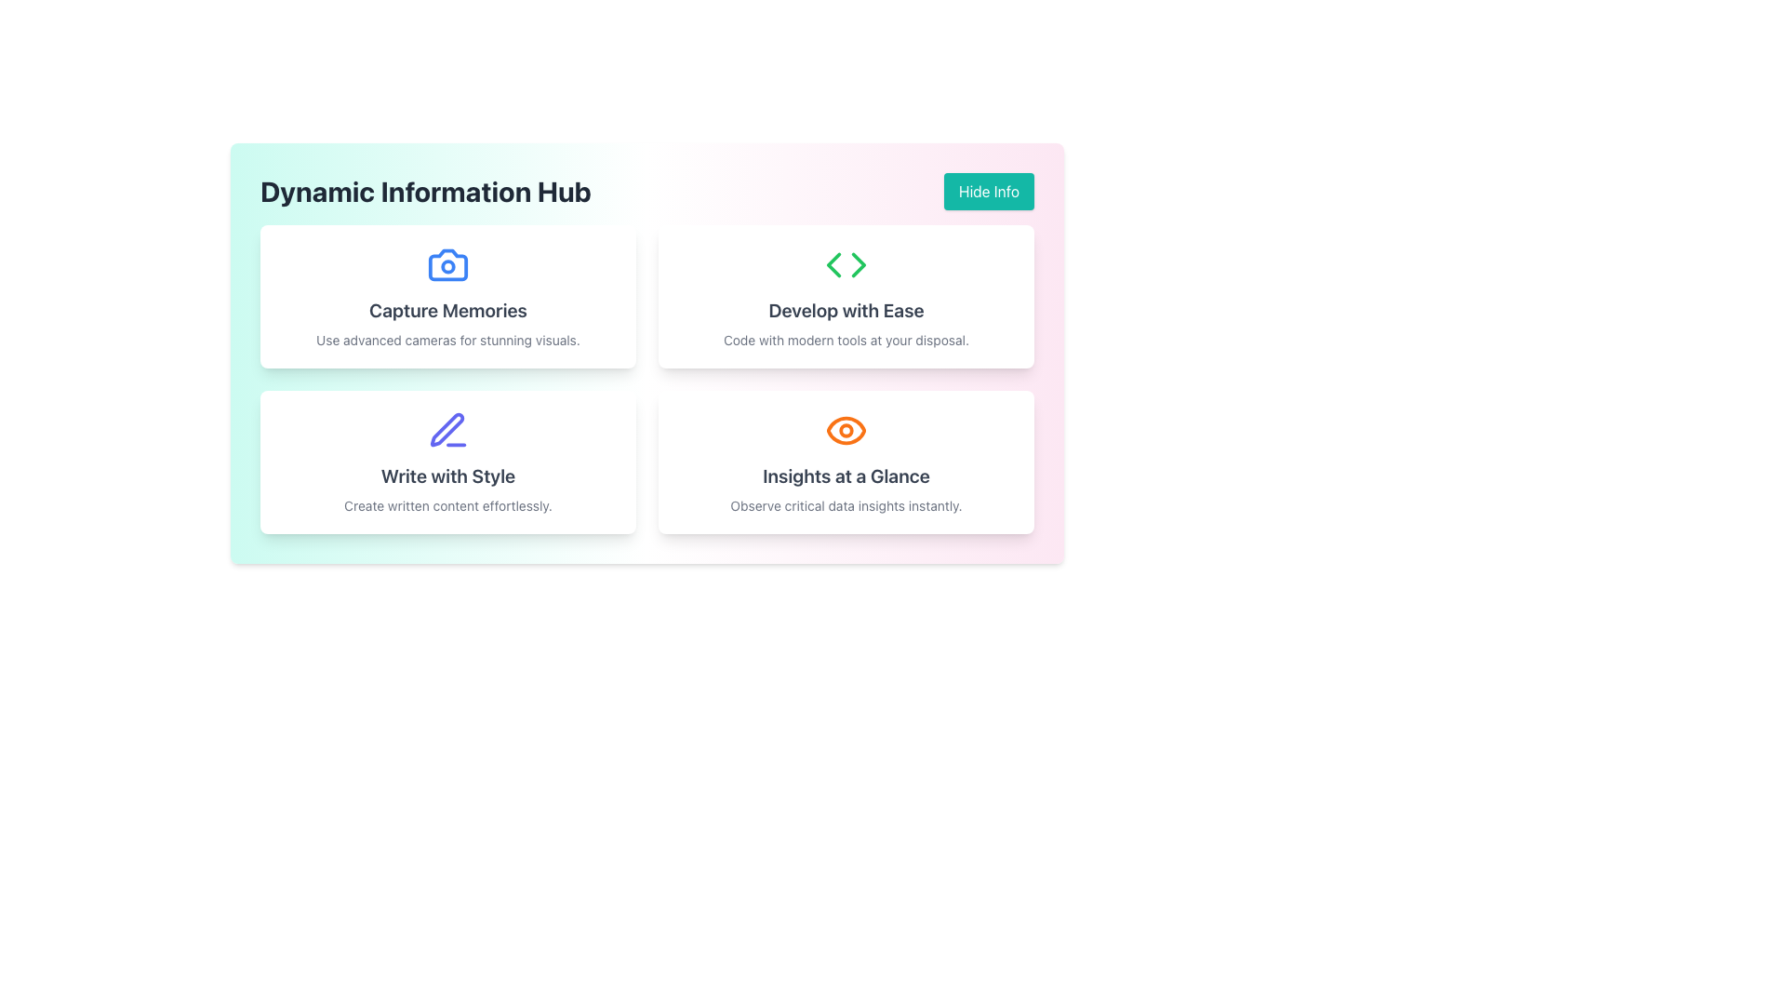  I want to click on the Informational card that highlights features related to development, positioned on the right side of the first row in the grid layout, so click(846, 296).